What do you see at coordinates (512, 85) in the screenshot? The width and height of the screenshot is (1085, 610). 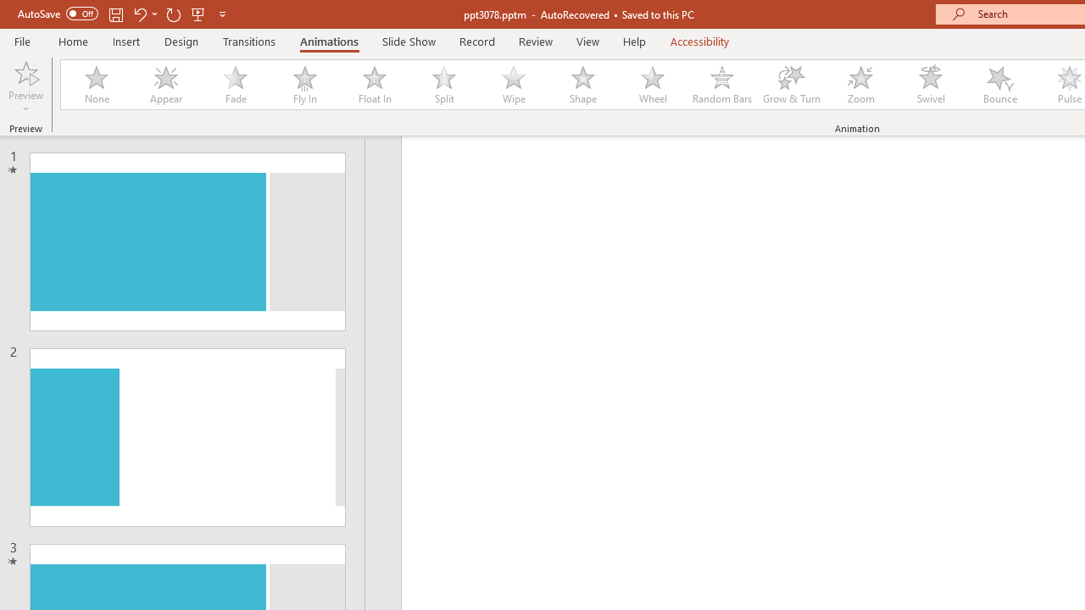 I see `'Wipe'` at bounding box center [512, 85].